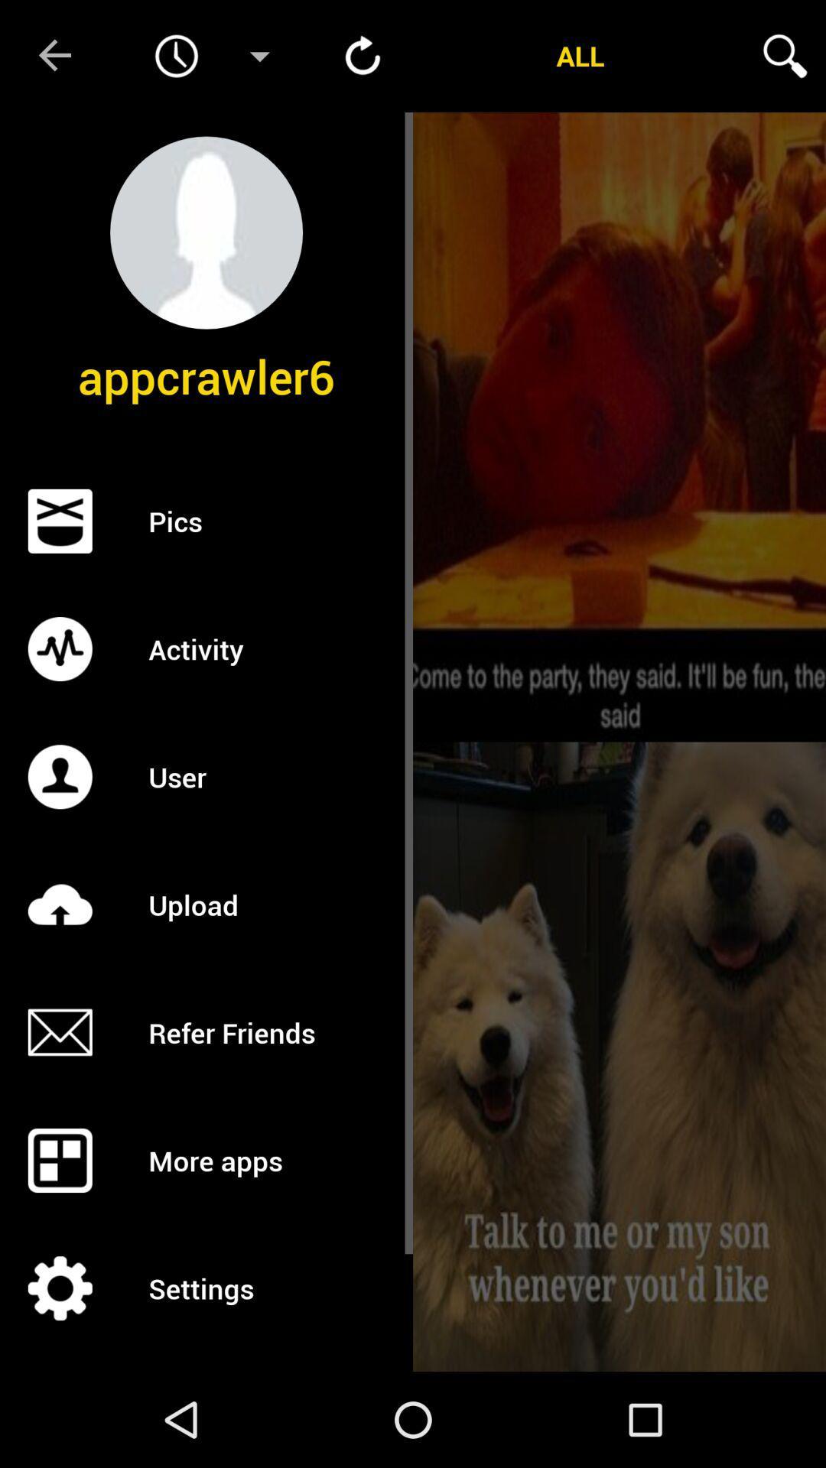  I want to click on search the menu, so click(785, 56).